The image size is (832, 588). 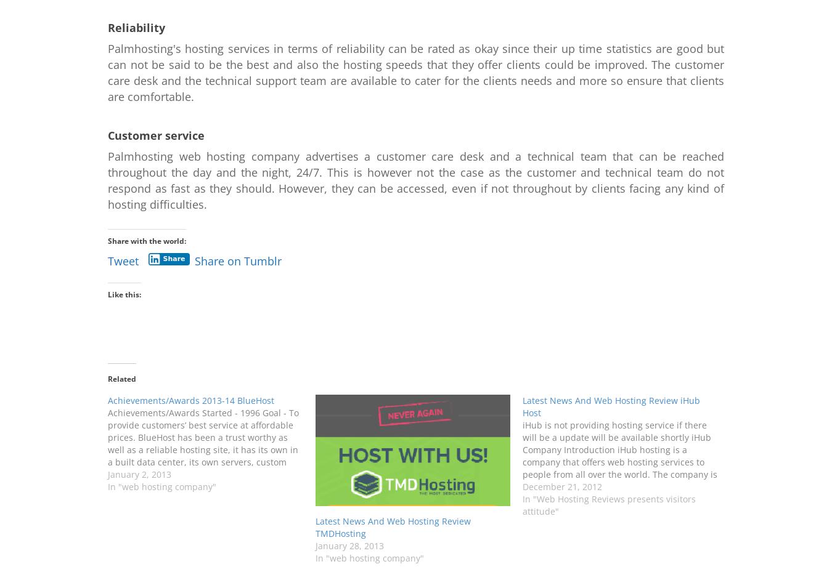 I want to click on 'Share on Tumblr', so click(x=237, y=260).